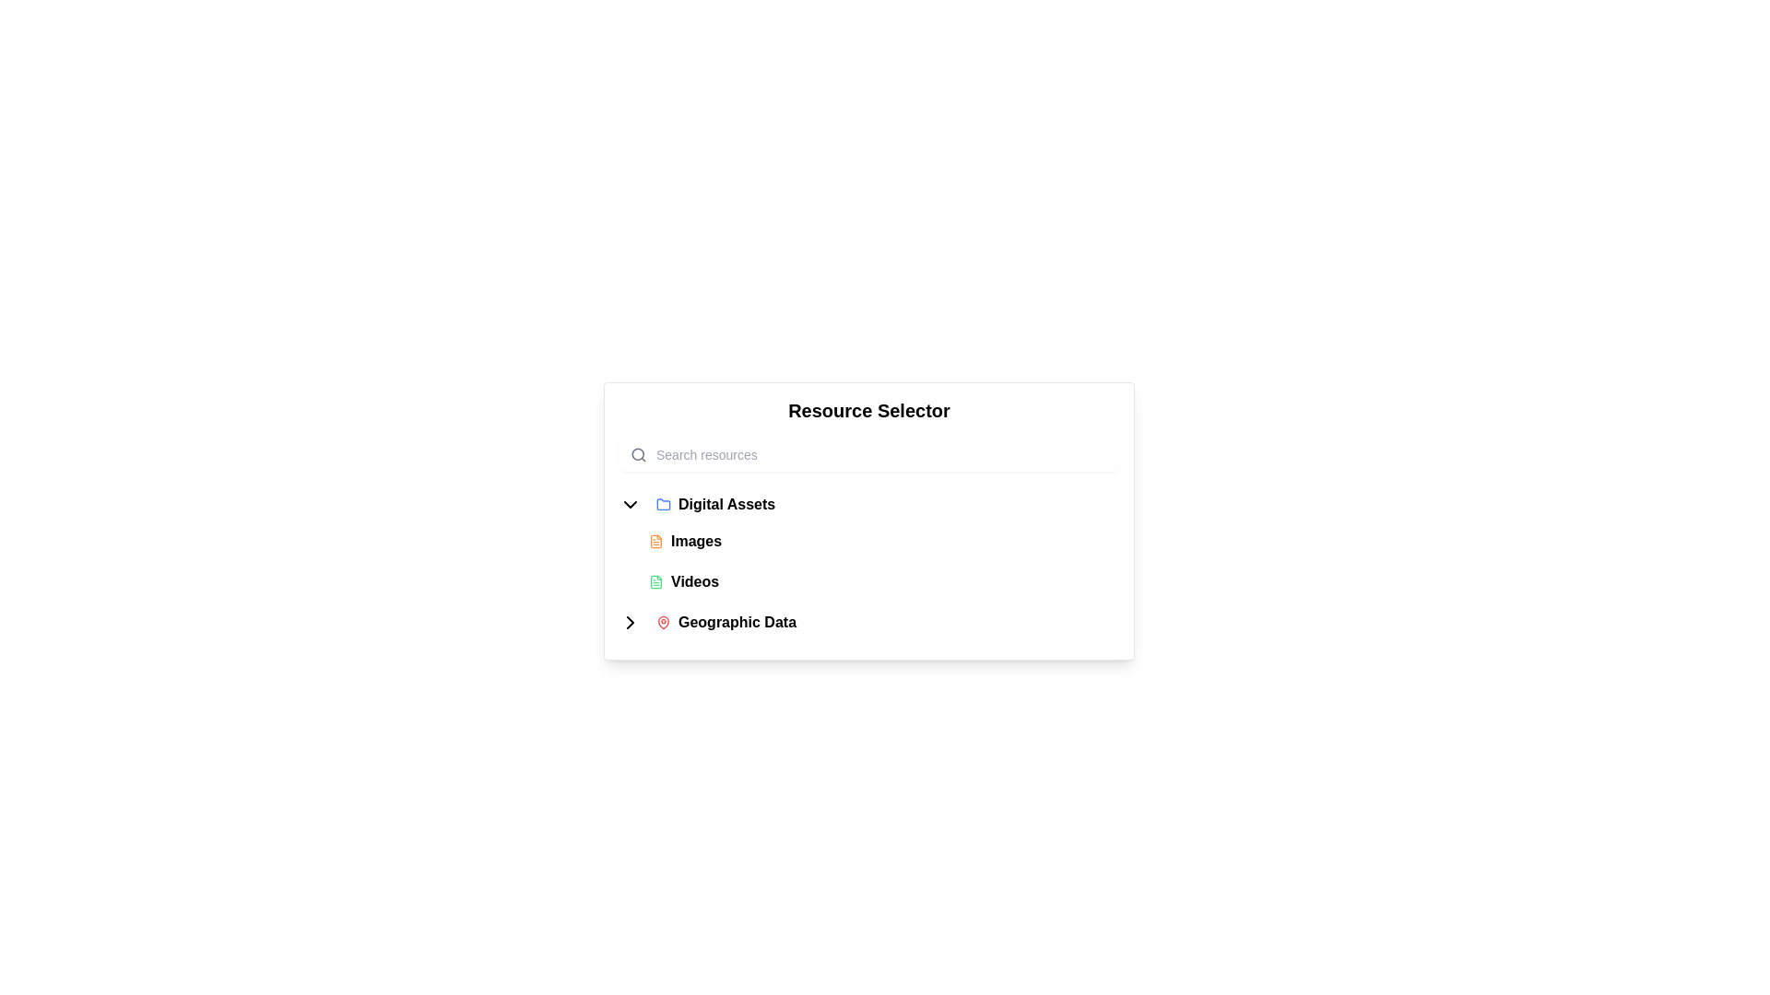  What do you see at coordinates (695, 540) in the screenshot?
I see `the button labeled 'Images' which is styled in bold and located under the 'Digital Assets' section` at bounding box center [695, 540].